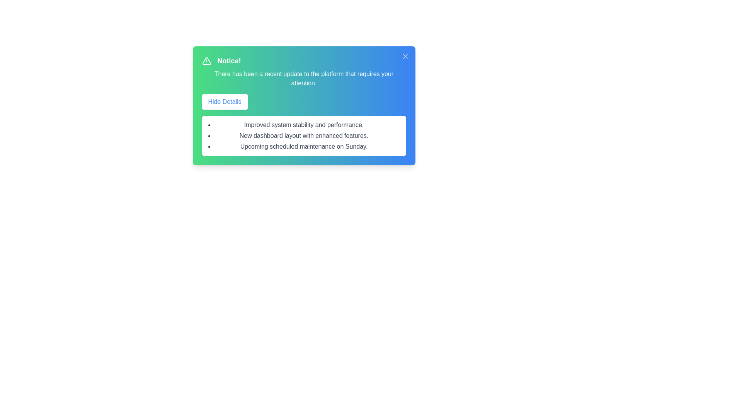  Describe the element at coordinates (224, 101) in the screenshot. I see `the 'Hide Details' button to toggle the visibility of the details section` at that location.